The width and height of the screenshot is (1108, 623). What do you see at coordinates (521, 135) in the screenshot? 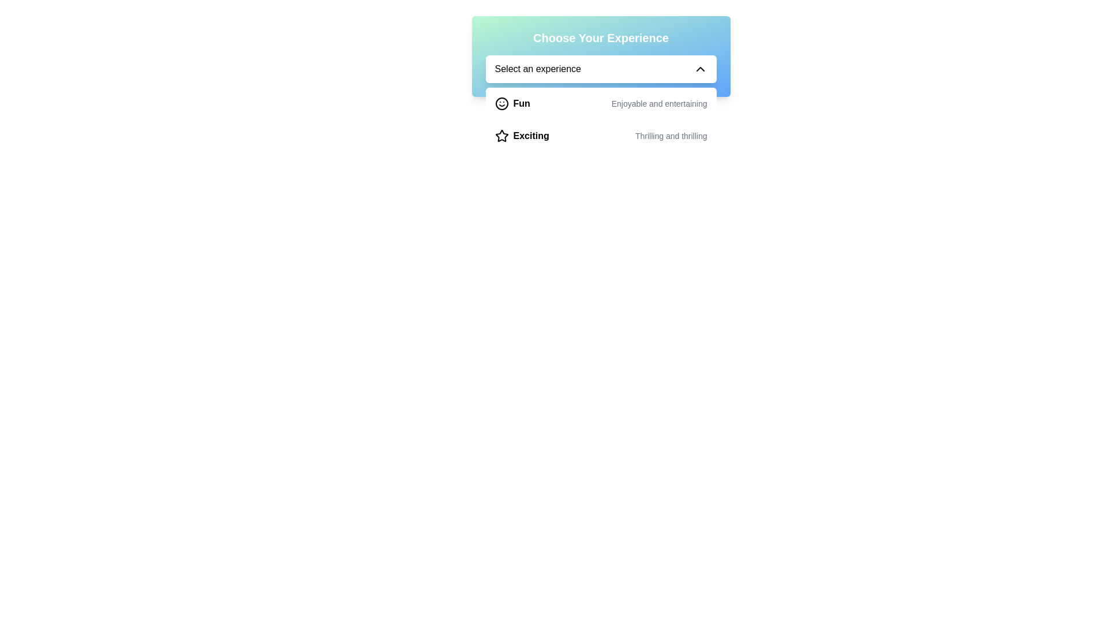
I see `the selectable option labeled 'Exciting' in the dropdown menu, which is the second item under 'Choose Your Experience'` at bounding box center [521, 135].